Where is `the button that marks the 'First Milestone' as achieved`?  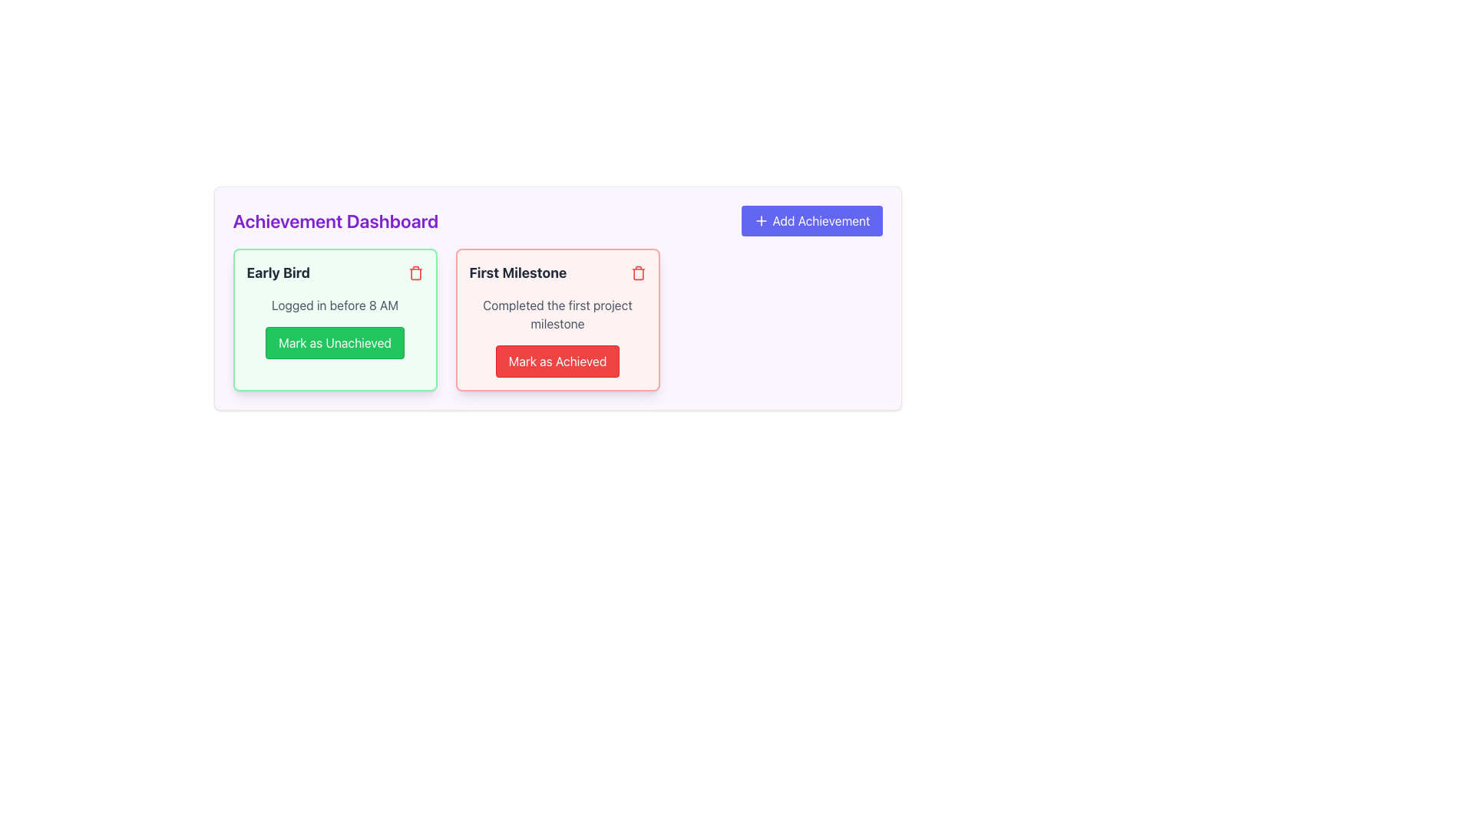 the button that marks the 'First Milestone' as achieved is located at coordinates (557, 361).